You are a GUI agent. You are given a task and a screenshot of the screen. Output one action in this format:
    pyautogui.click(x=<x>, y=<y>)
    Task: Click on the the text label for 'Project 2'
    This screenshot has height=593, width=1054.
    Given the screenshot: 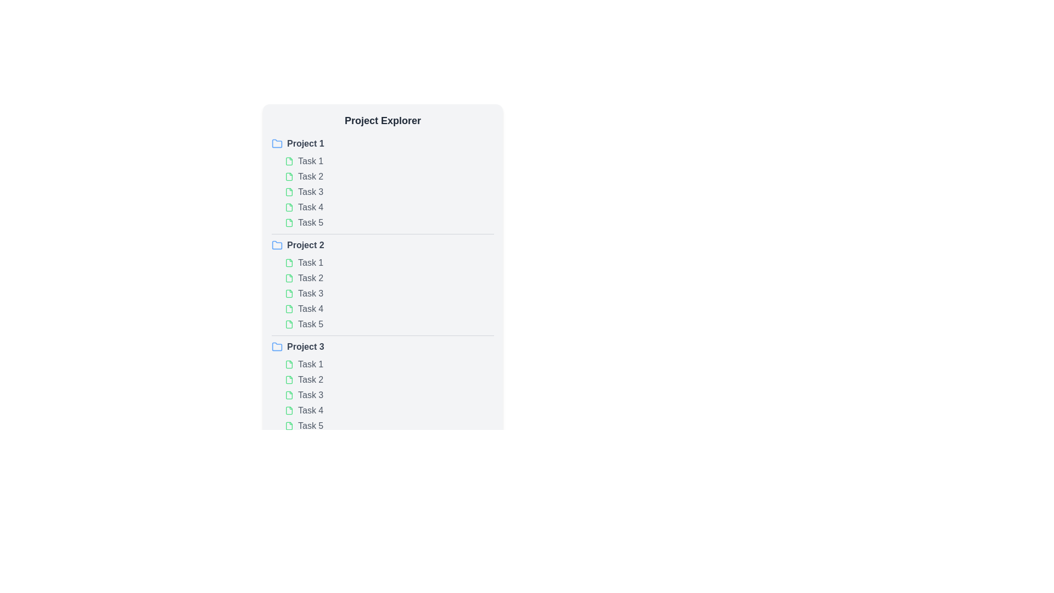 What is the action you would take?
    pyautogui.click(x=305, y=245)
    